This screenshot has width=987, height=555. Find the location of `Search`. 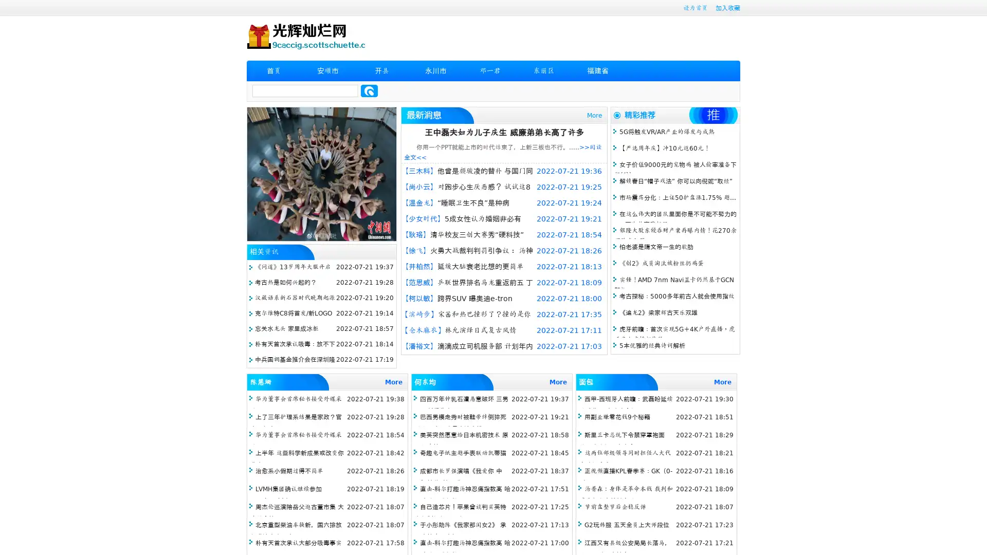

Search is located at coordinates (369, 90).